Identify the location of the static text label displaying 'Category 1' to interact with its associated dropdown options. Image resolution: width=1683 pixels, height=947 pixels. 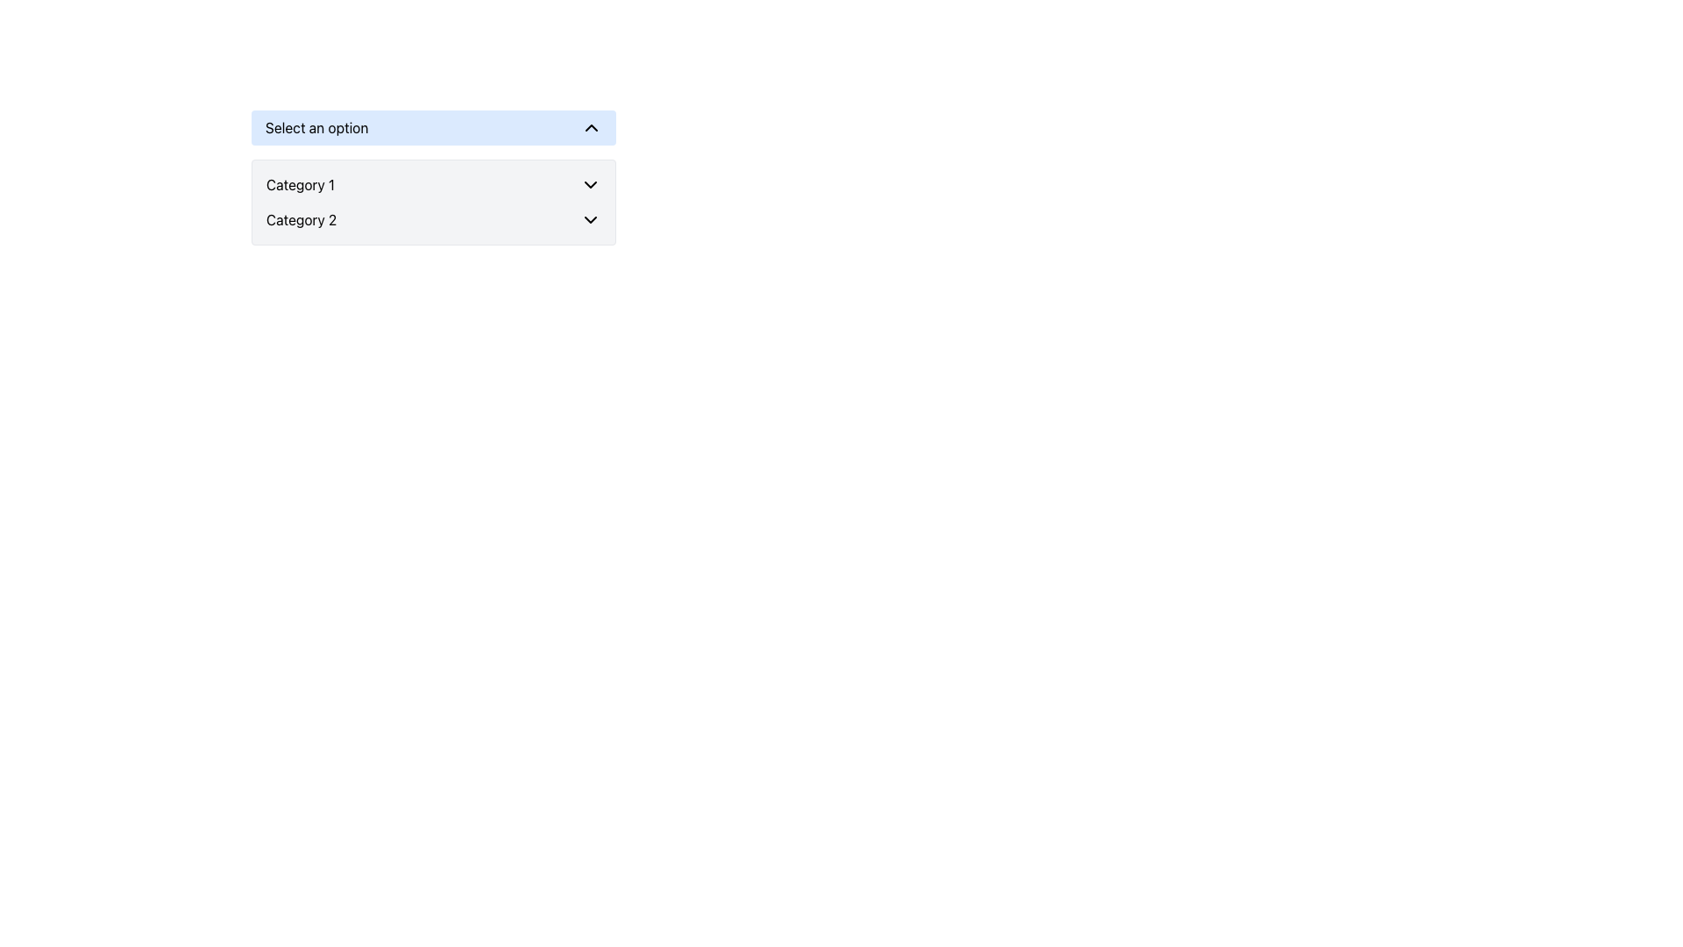
(300, 185).